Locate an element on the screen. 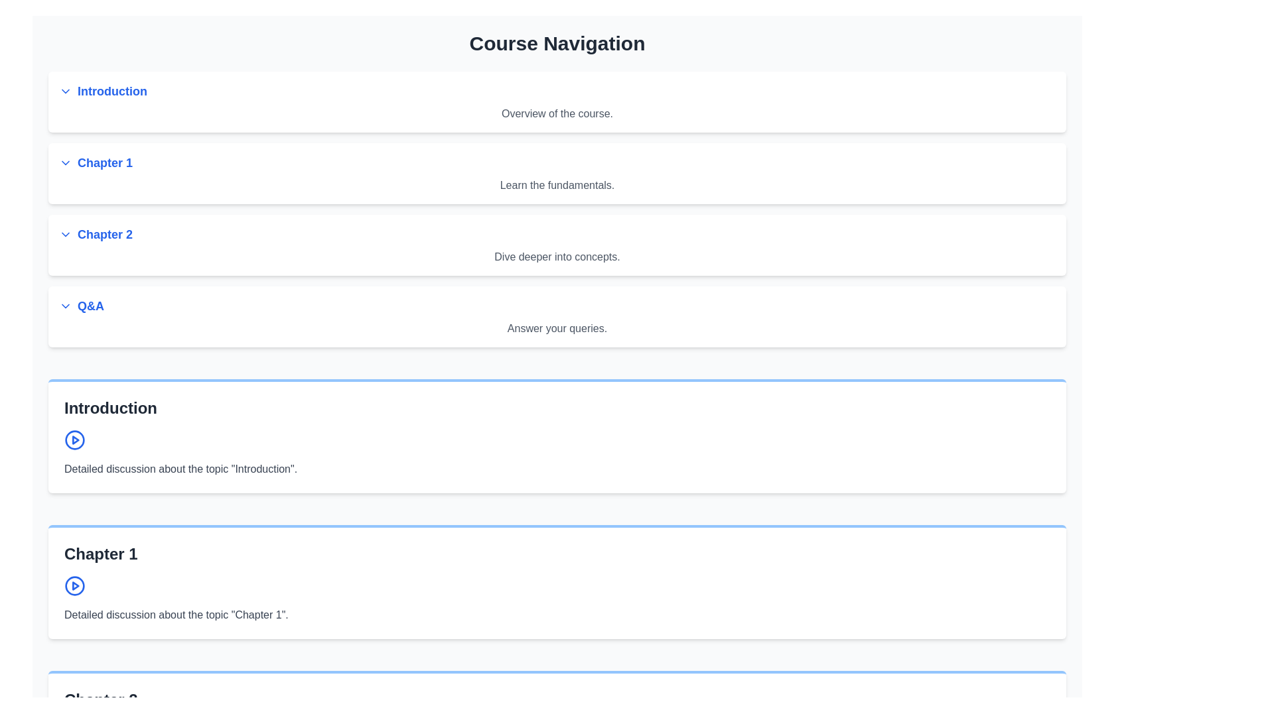  the non-interactive text label that summarizes the content under 'Chapter 1', which is positioned directly below the clickable 'Chapter 1' heading is located at coordinates (557, 186).